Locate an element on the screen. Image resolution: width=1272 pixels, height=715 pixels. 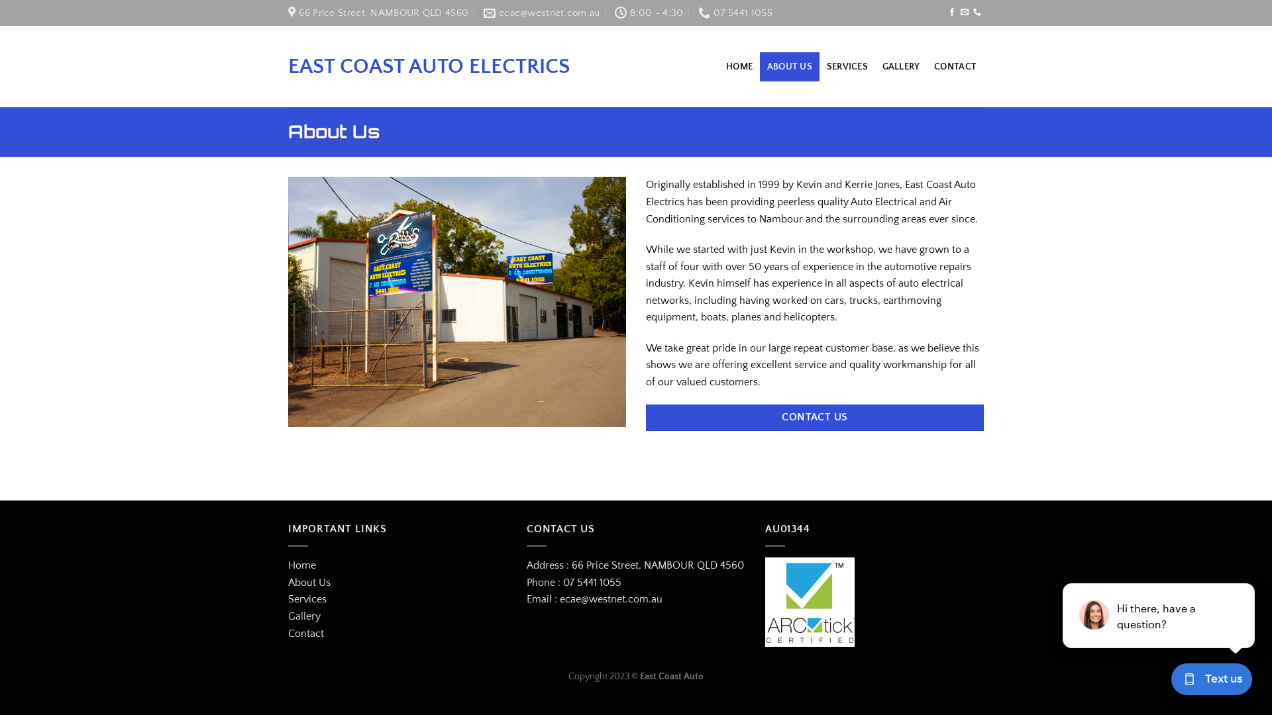
'Home' is located at coordinates (301, 566).